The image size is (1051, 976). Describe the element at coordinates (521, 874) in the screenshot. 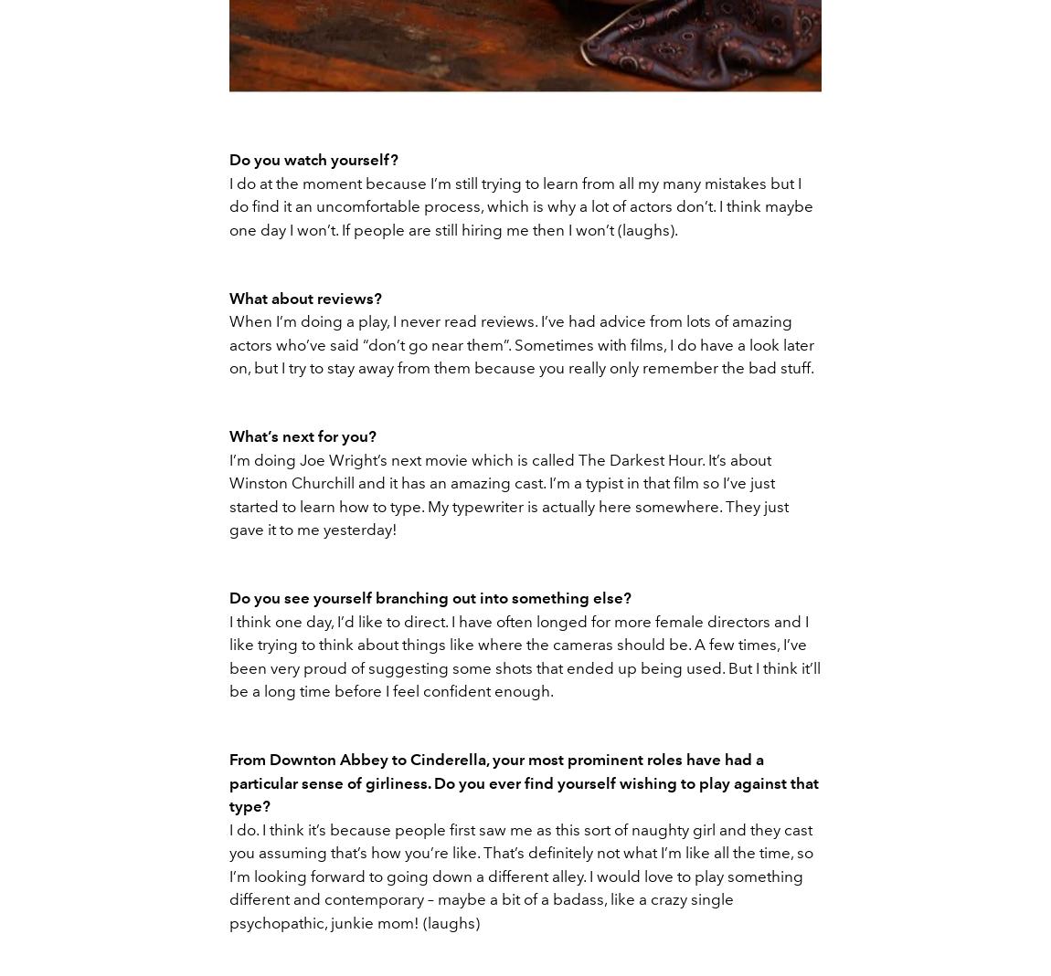

I see `'I do. I think it’s because people first saw me as this sort of naughty girl and they cast you assuming that’s how you’re like. That’s definitely not what I’m like all the time, so I’m looking forward to going down a different alley. I would love to play something different and contemporary – maybe a bit of a badass, like a crazy single psychopathic, junkie mom! (laughs)'` at that location.